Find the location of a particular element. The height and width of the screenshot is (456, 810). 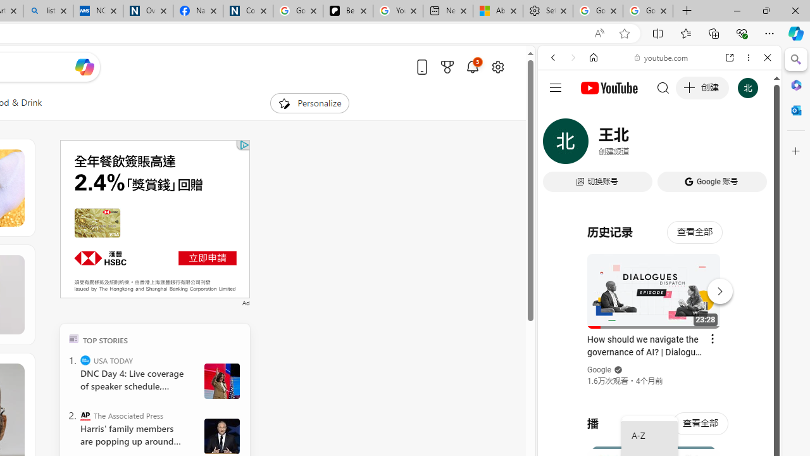

'YouTube' is located at coordinates (654, 188).